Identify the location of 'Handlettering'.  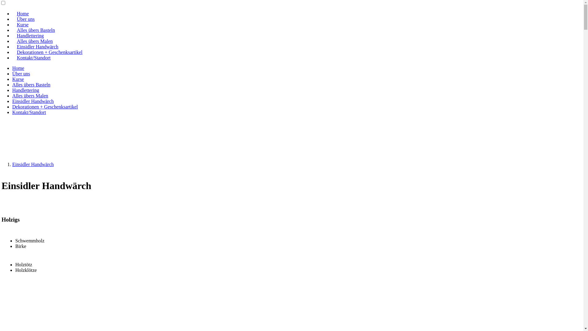
(30, 36).